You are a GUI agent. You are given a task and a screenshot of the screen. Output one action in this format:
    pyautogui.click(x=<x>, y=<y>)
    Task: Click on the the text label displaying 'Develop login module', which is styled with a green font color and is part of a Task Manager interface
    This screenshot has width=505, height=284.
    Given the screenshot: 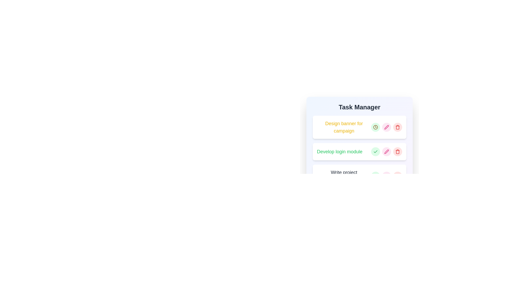 What is the action you would take?
    pyautogui.click(x=340, y=152)
    